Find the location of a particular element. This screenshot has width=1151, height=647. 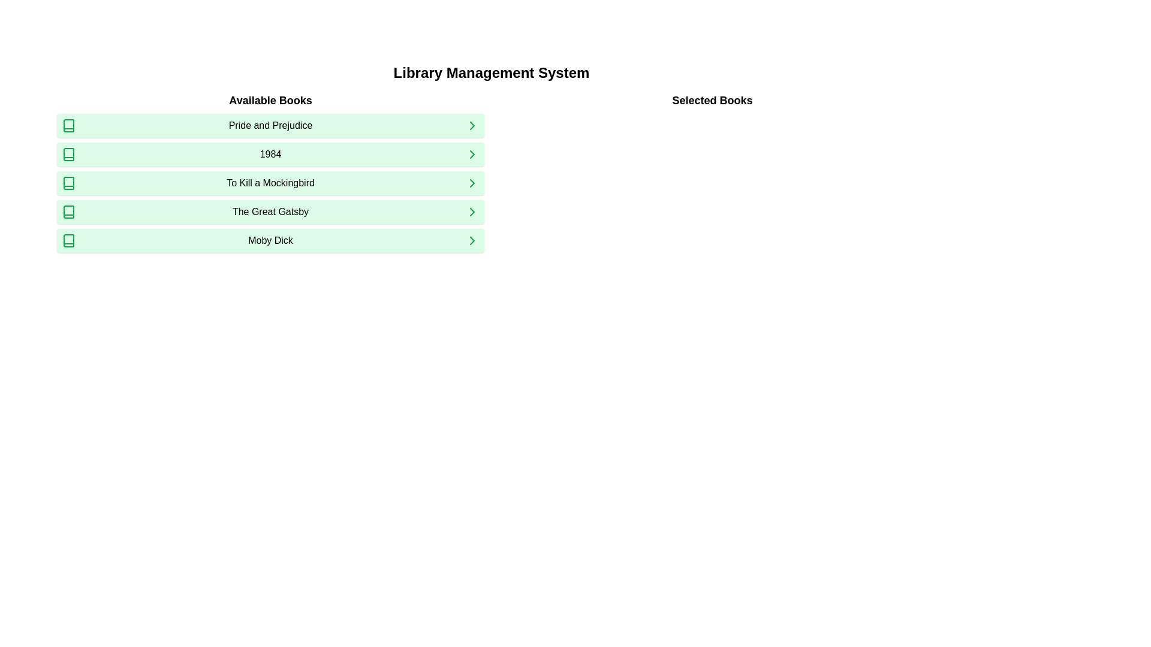

the green outlined arrow icon button located at the far-right end of the 'Pride and Prejudice' row in the 'Available Books' section is located at coordinates (471, 125).